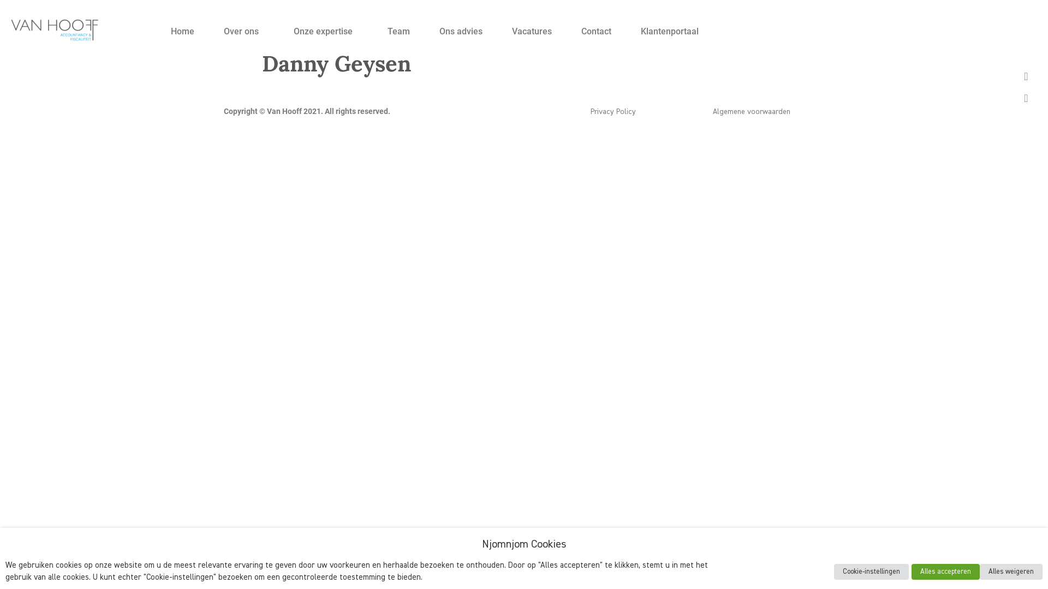  I want to click on 'Vacatures', so click(497, 31).